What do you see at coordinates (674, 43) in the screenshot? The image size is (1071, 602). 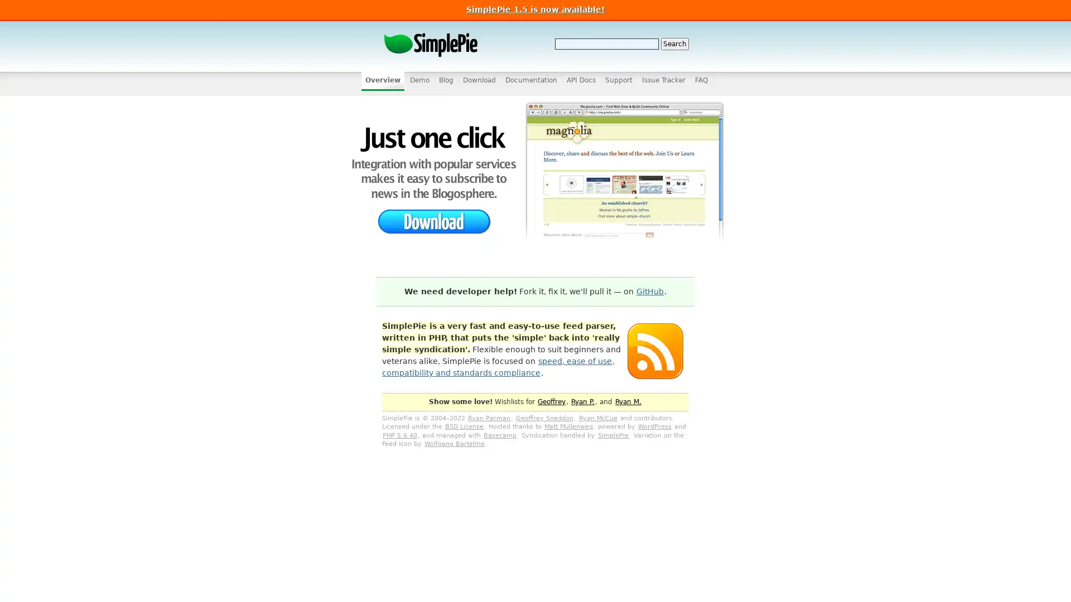 I see `Search` at bounding box center [674, 43].